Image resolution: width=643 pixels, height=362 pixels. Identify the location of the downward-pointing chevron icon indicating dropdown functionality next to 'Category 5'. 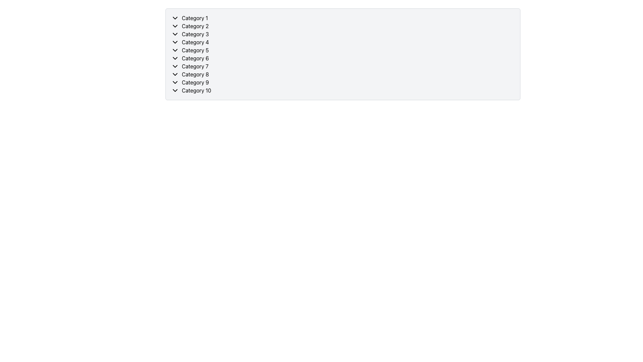
(175, 50).